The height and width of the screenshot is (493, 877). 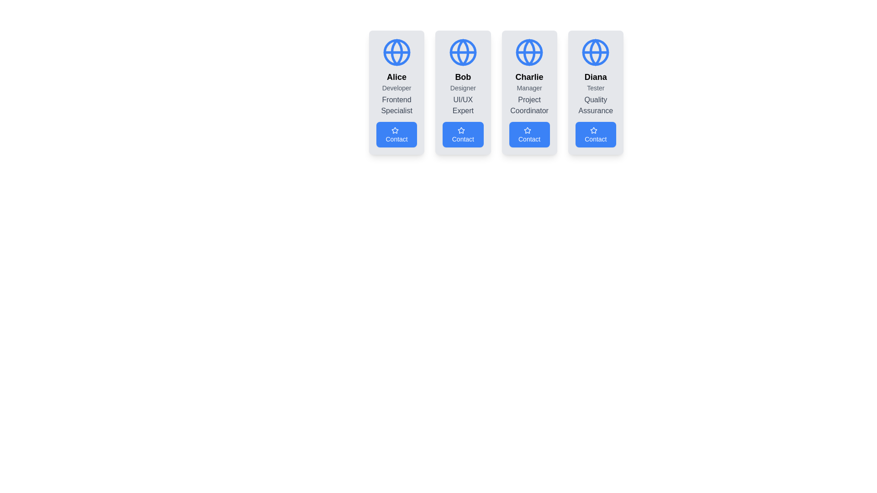 I want to click on the icon that represents global access or internet representation, located at the top section of the first card containing the text 'Alice Developer Frontend Specialist', so click(x=396, y=52).